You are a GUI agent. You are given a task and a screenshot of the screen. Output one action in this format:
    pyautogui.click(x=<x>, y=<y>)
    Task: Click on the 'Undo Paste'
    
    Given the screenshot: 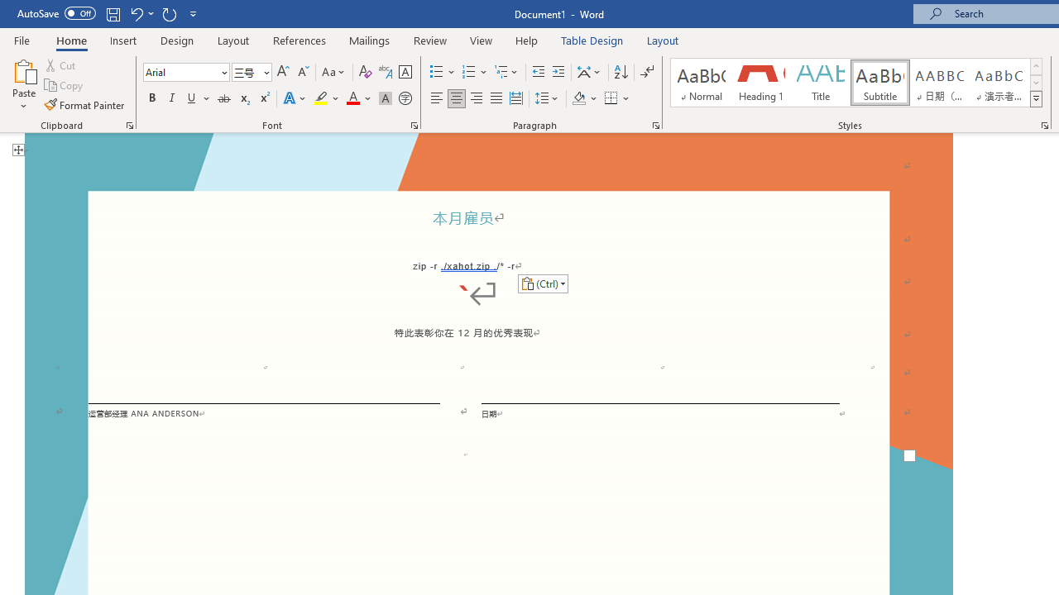 What is the action you would take?
    pyautogui.click(x=141, y=13)
    